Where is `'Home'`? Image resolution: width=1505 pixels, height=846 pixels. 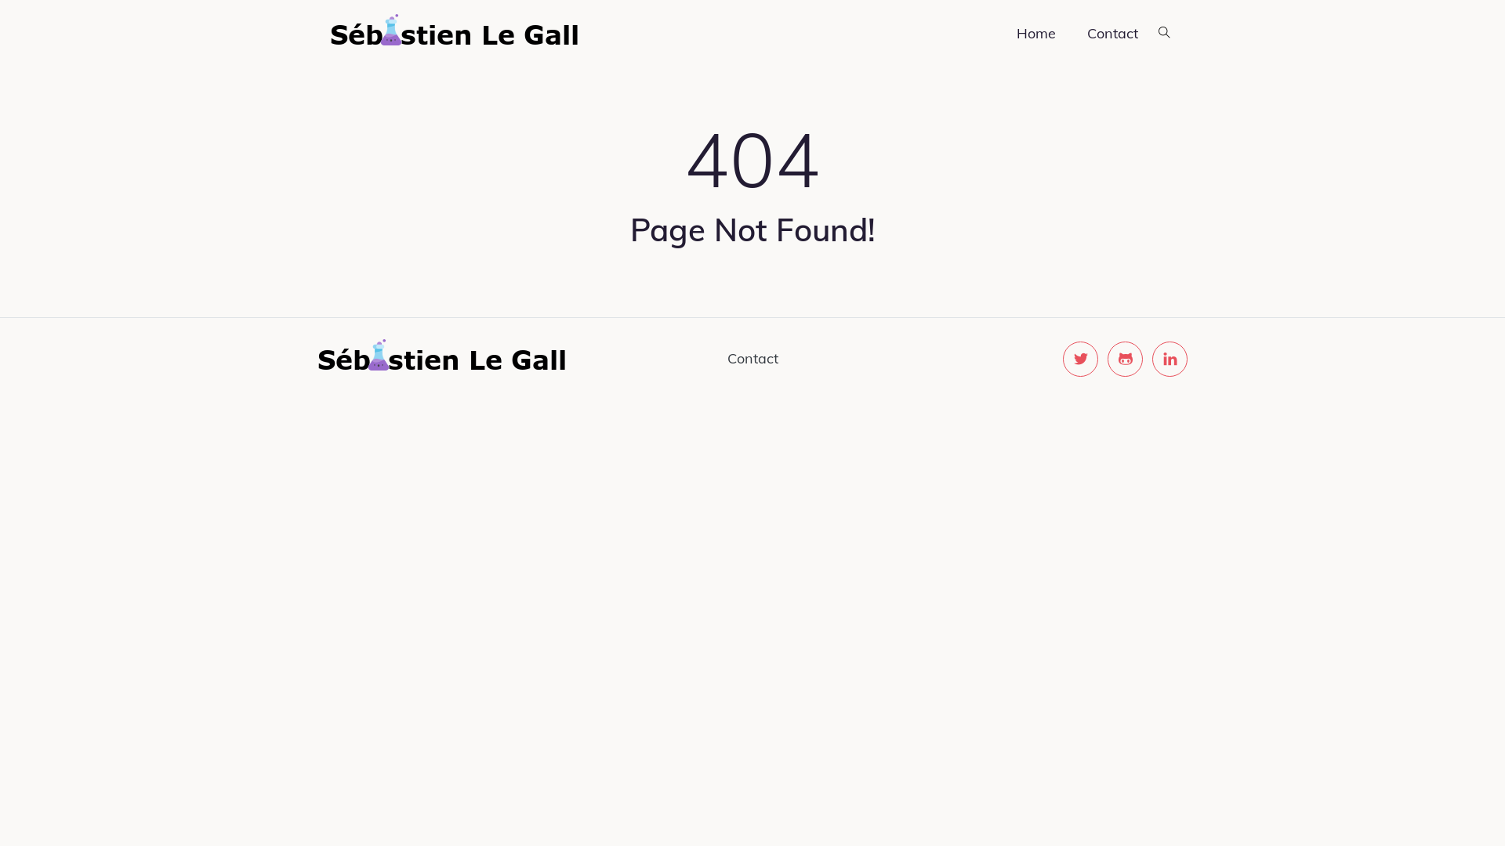 'Home' is located at coordinates (1035, 34).